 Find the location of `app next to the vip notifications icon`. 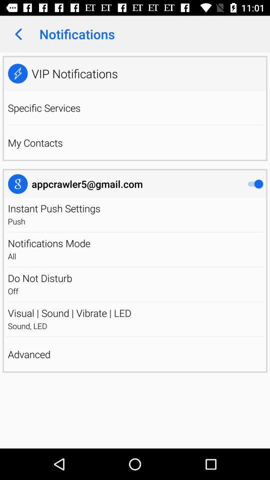

app next to the vip notifications icon is located at coordinates (17, 73).